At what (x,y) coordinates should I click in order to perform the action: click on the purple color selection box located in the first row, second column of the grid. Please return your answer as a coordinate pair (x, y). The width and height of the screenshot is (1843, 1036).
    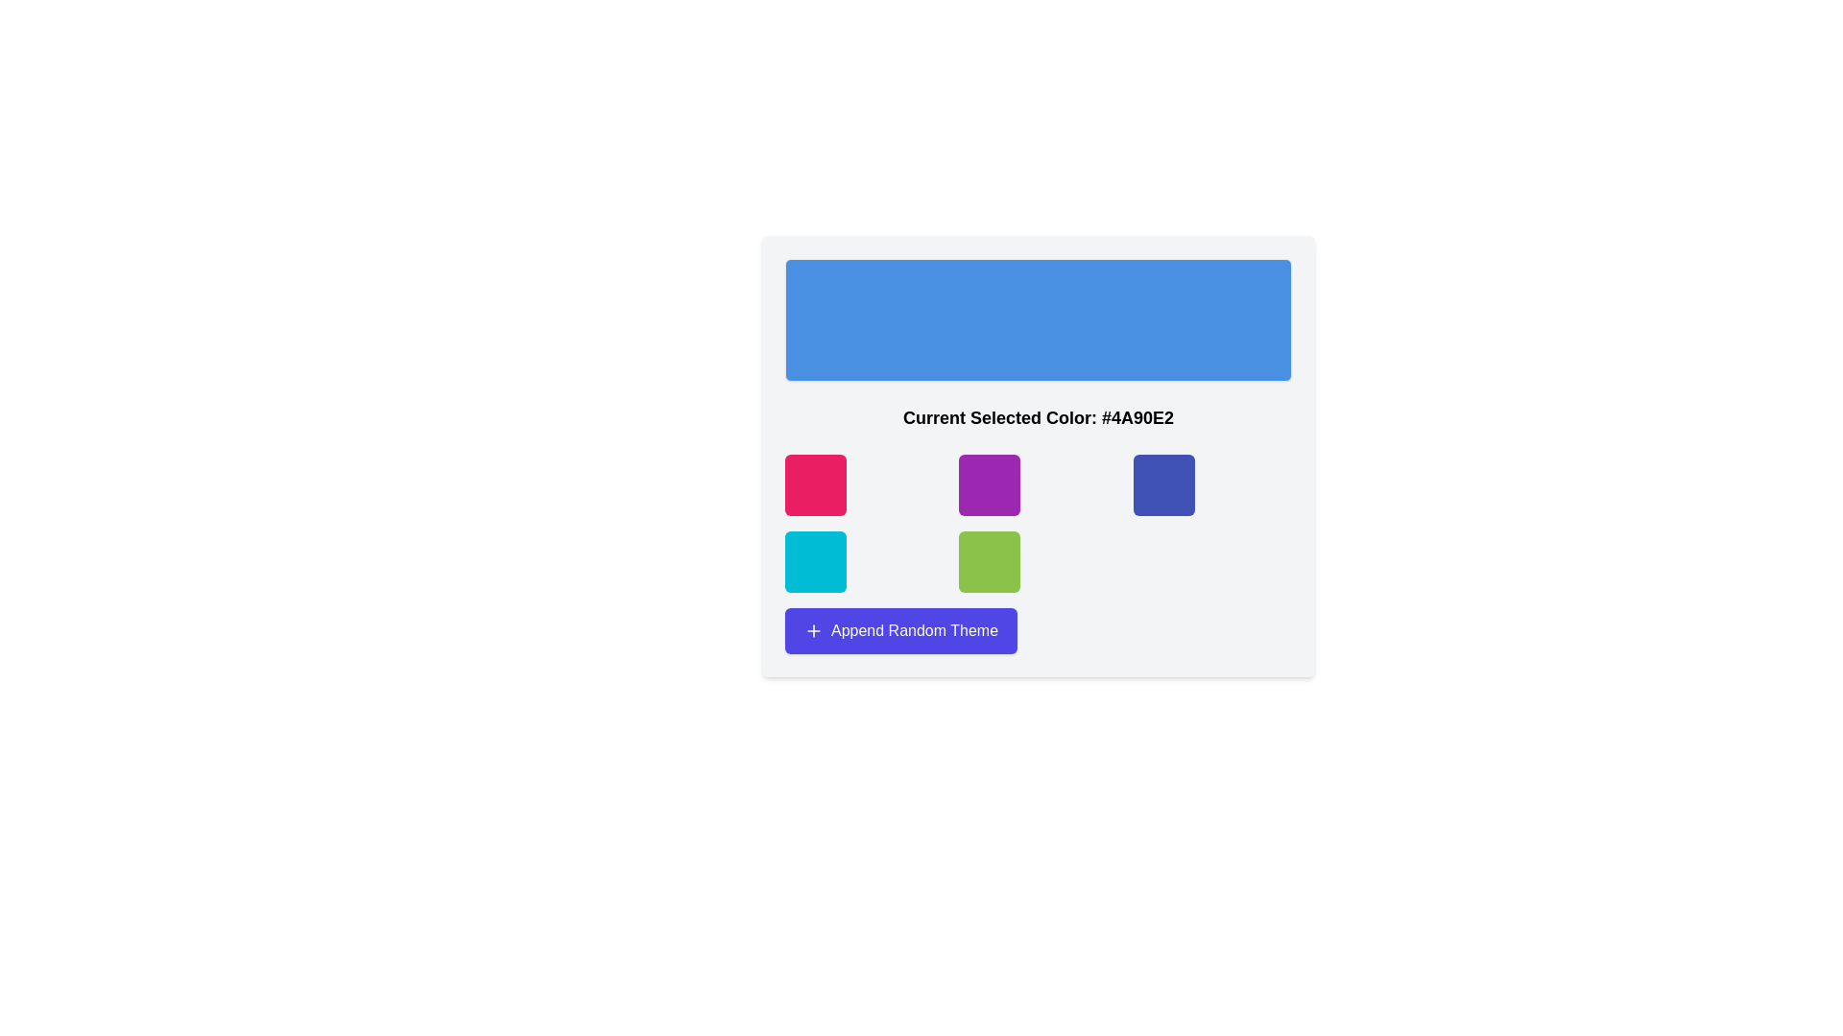
    Looking at the image, I should click on (1037, 456).